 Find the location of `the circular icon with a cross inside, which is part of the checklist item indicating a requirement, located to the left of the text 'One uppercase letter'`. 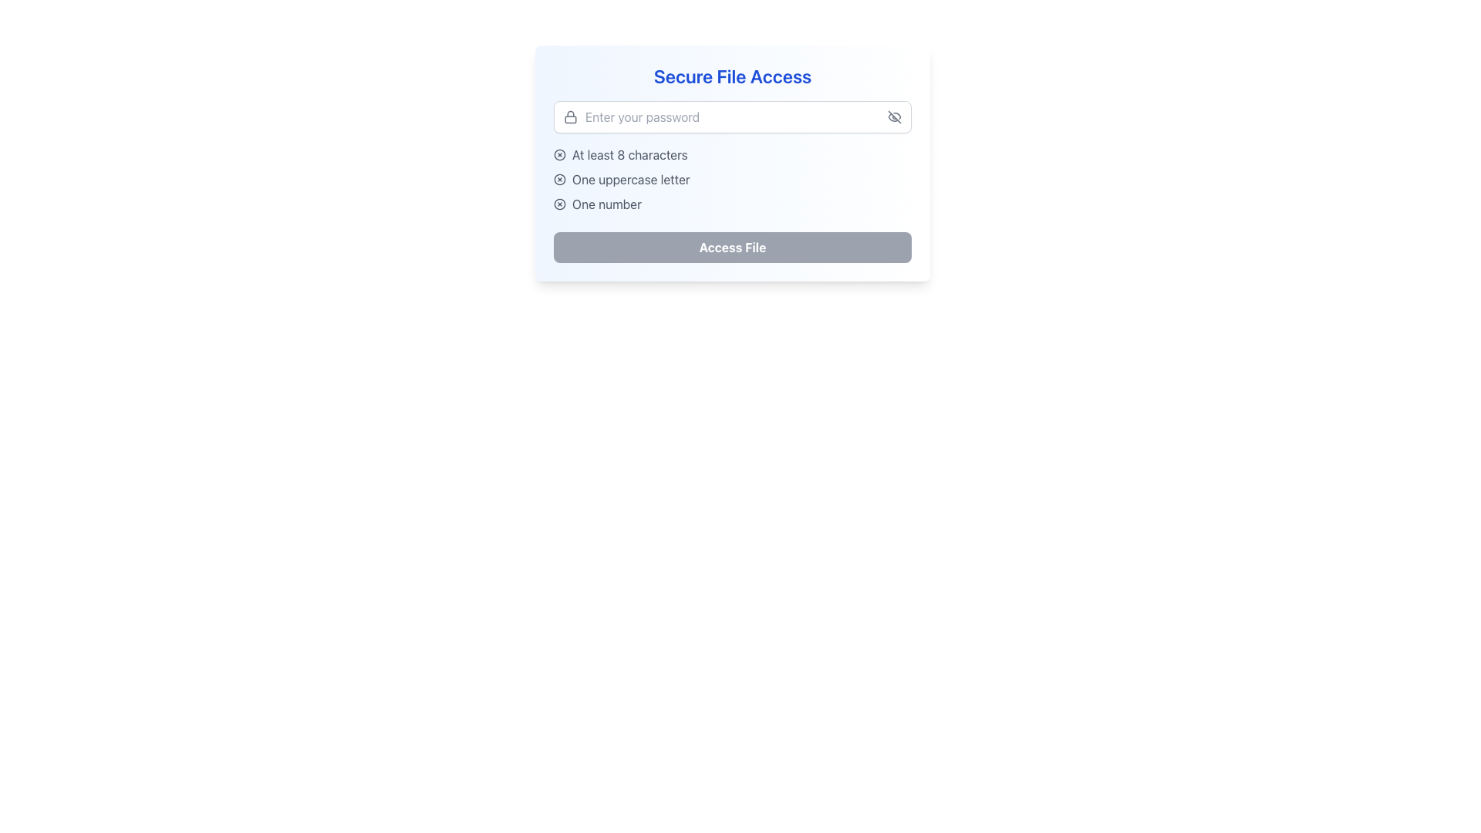

the circular icon with a cross inside, which is part of the checklist item indicating a requirement, located to the left of the text 'One uppercase letter' is located at coordinates (558, 178).